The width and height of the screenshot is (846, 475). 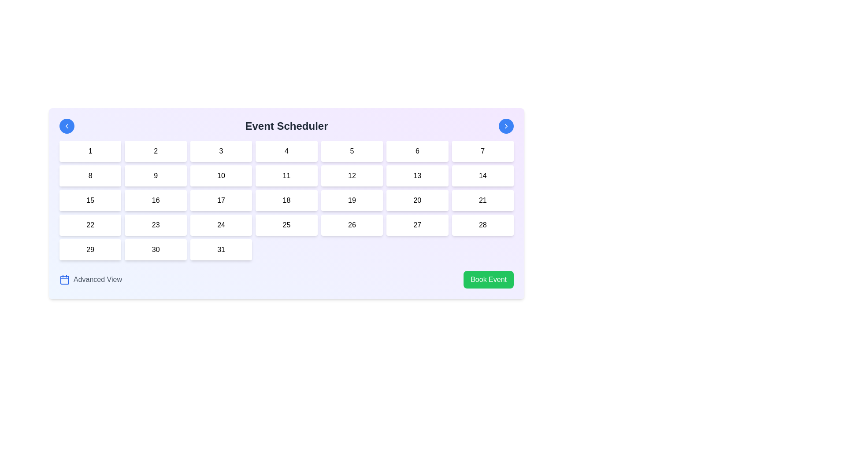 I want to click on the button representing the date '30' in the calendar, so click(x=156, y=249).